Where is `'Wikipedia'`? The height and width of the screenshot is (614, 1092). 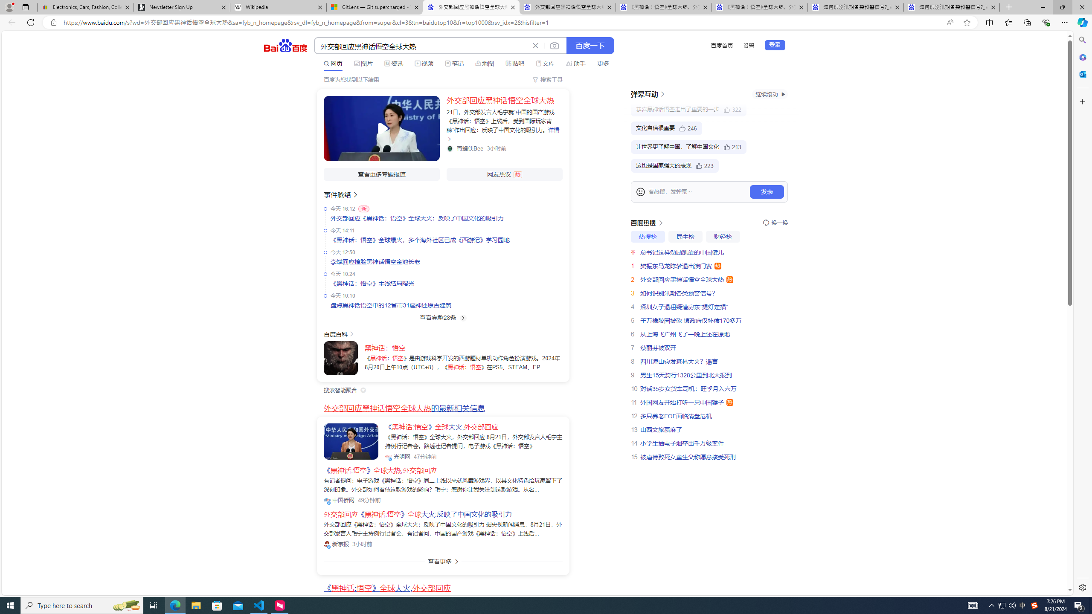
'Wikipedia' is located at coordinates (278, 7).